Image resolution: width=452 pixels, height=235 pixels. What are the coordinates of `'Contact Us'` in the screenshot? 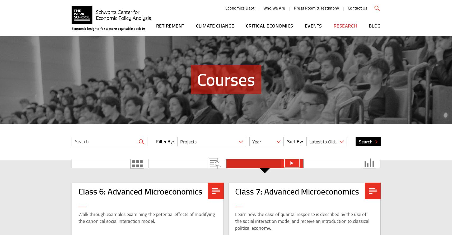 It's located at (357, 8).